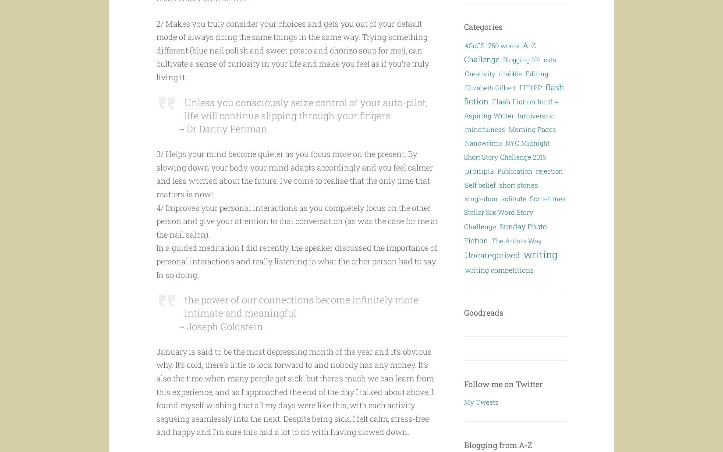 This screenshot has height=452, width=723. Describe the element at coordinates (532, 129) in the screenshot. I see `'Morning Pages'` at that location.